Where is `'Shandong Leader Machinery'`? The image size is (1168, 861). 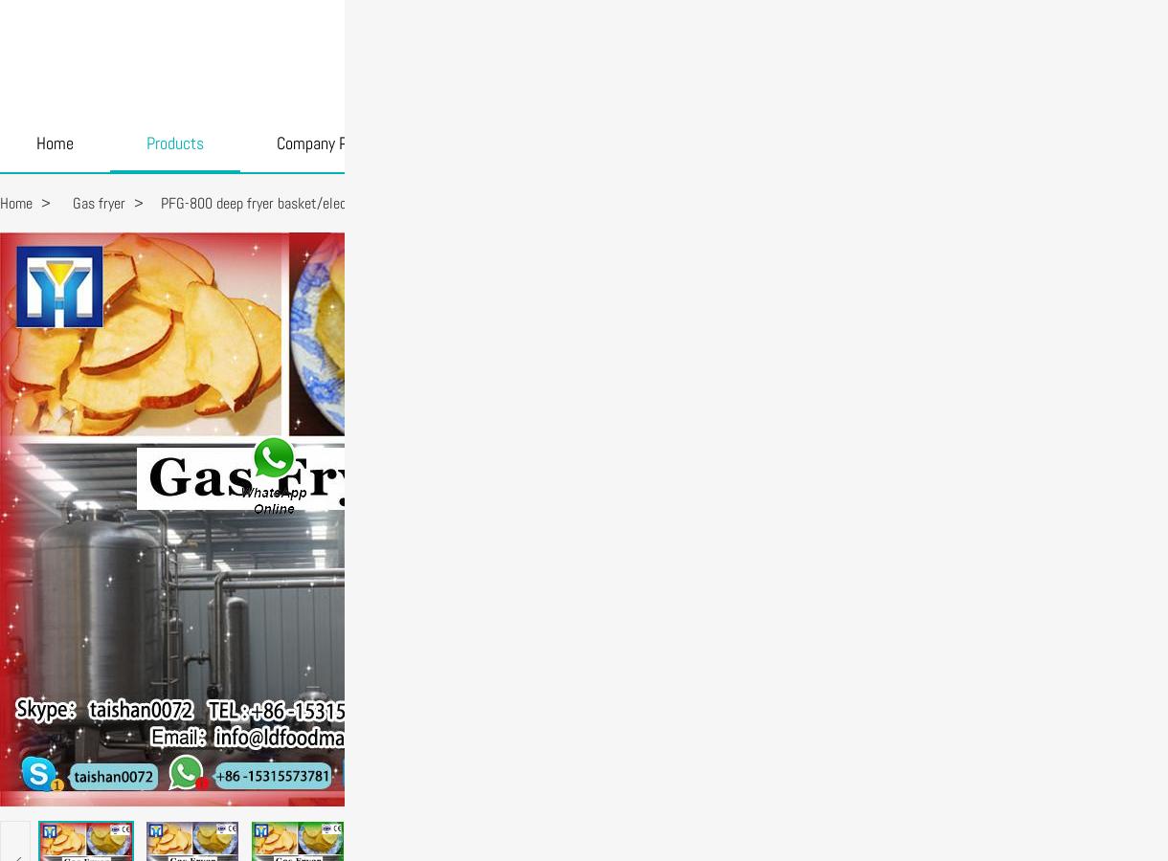
'Shandong Leader Machinery' is located at coordinates (598, 55).